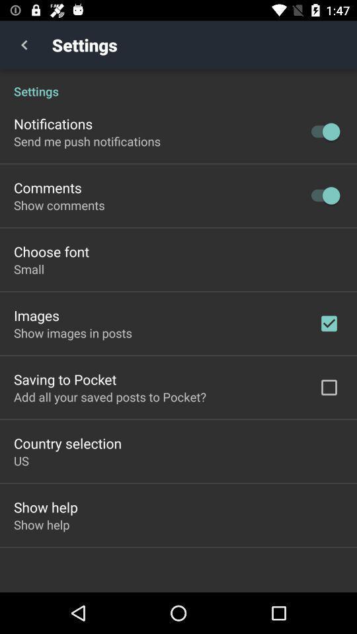  I want to click on country selection, so click(67, 443).